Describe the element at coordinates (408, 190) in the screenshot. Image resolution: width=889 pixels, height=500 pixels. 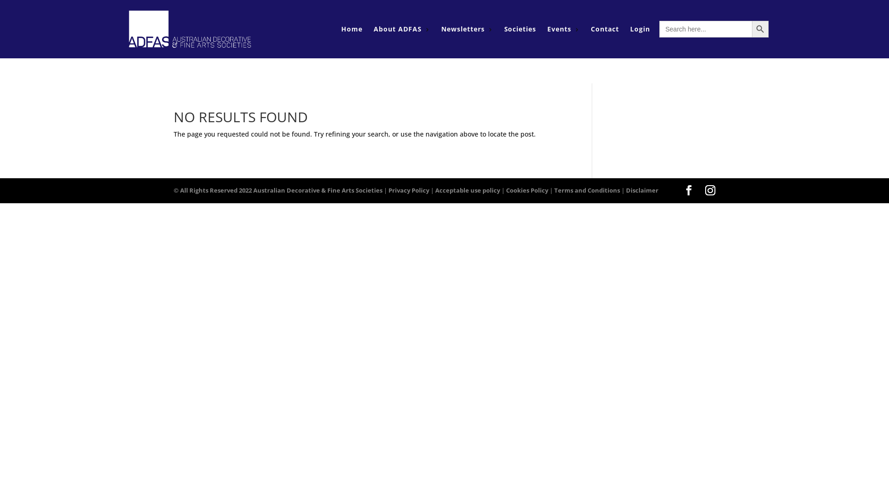
I see `'Privacy Policy'` at that location.